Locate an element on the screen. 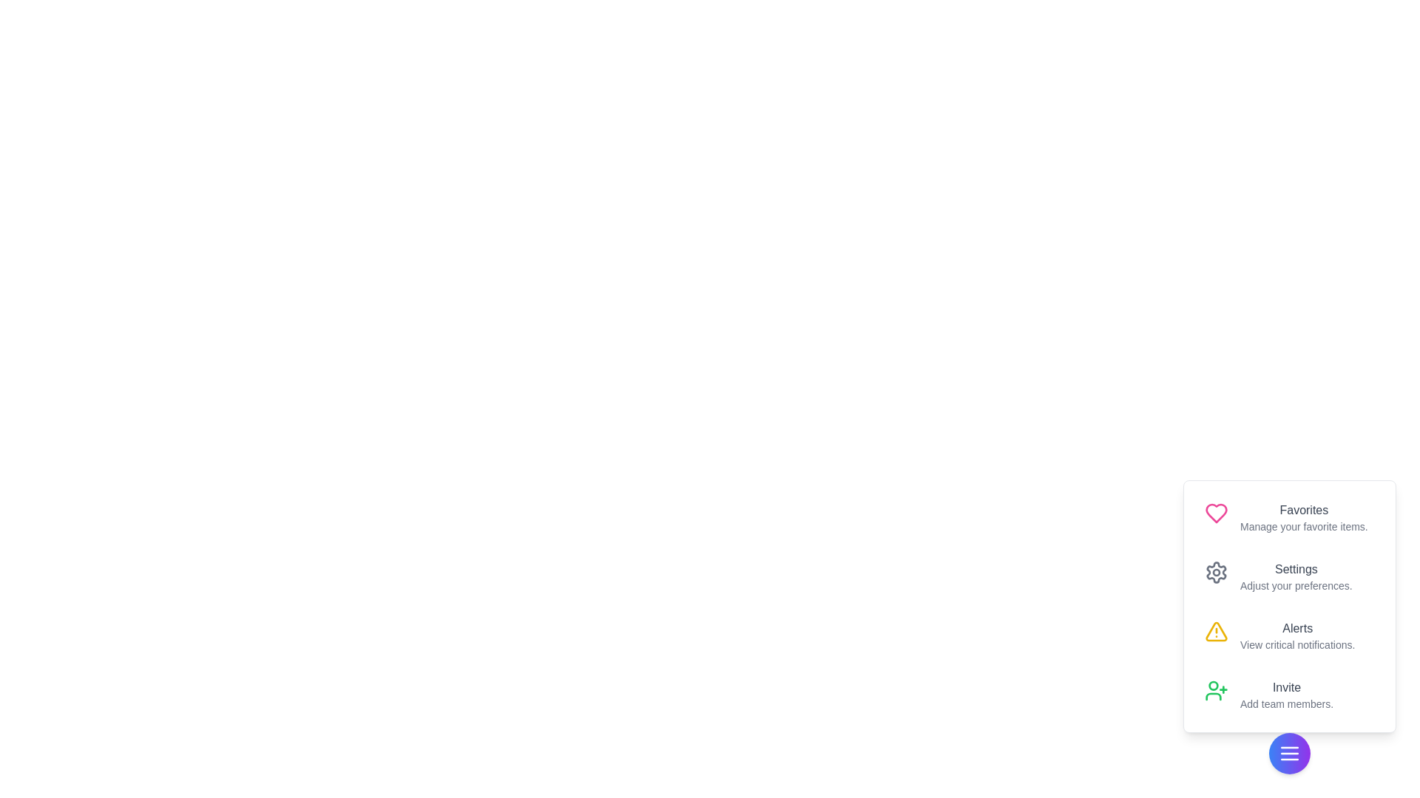 Image resolution: width=1420 pixels, height=798 pixels. the menu item corresponding to Invite is located at coordinates (1288, 695).